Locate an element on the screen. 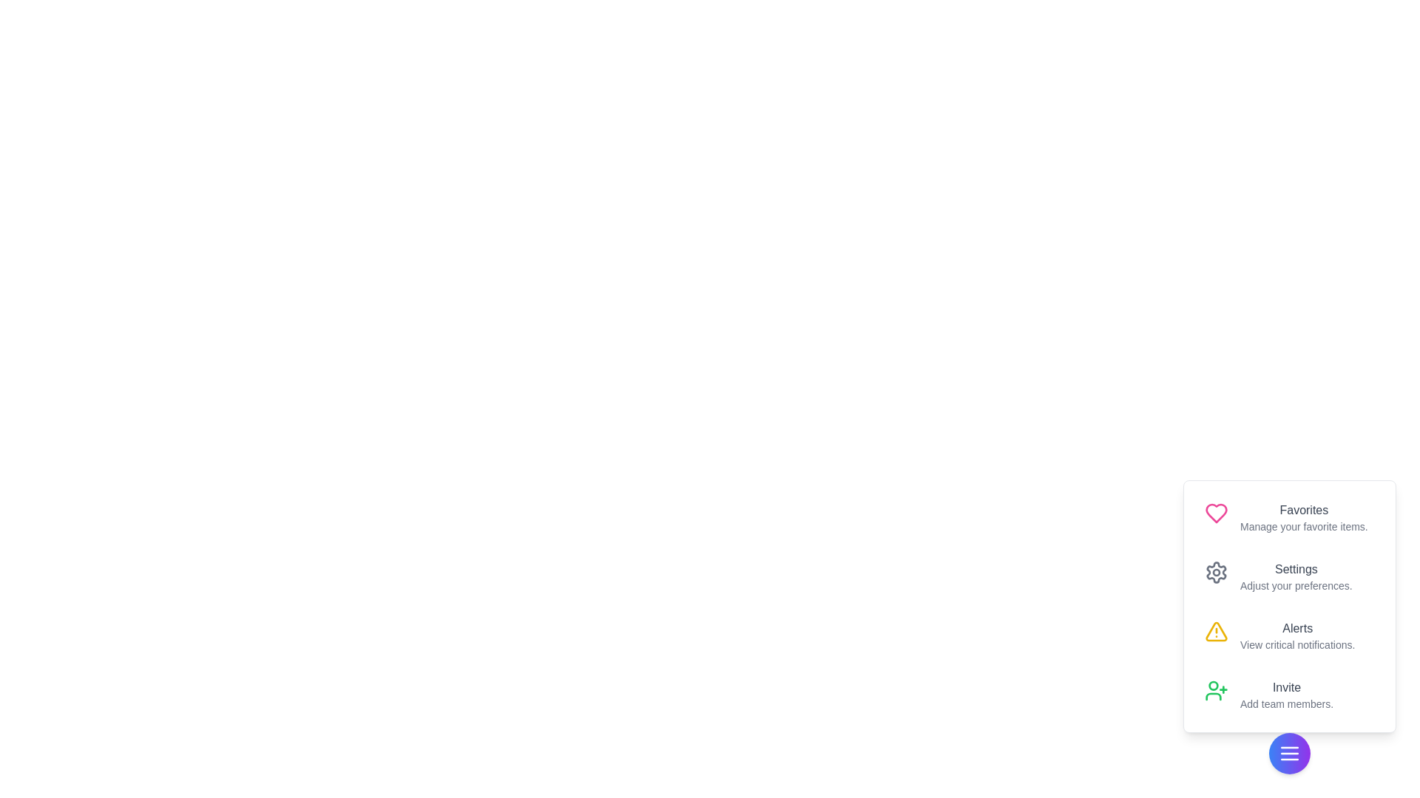 Image resolution: width=1420 pixels, height=798 pixels. the menu item corresponding to Invite is located at coordinates (1288, 695).